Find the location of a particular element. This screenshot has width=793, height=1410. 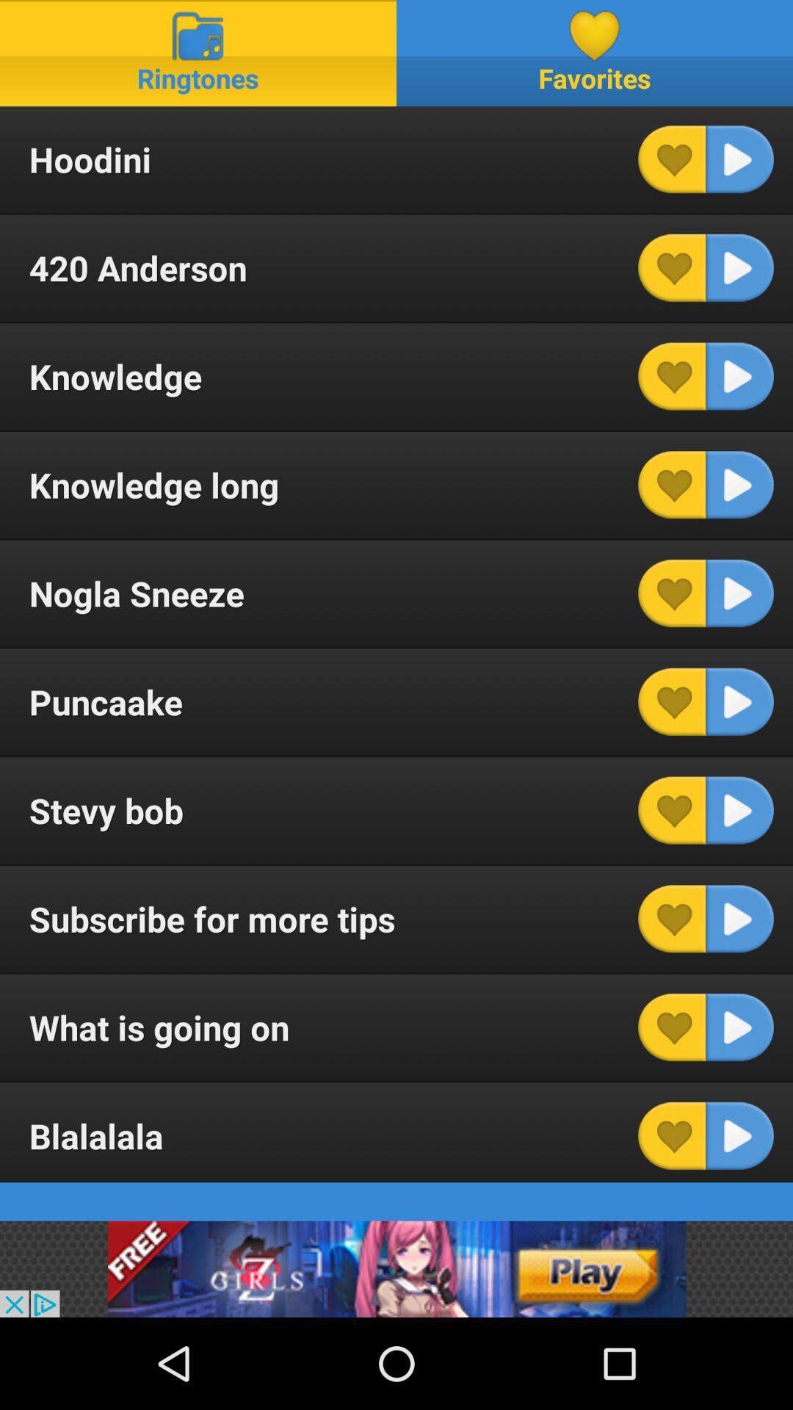

ringtone is located at coordinates (739, 485).